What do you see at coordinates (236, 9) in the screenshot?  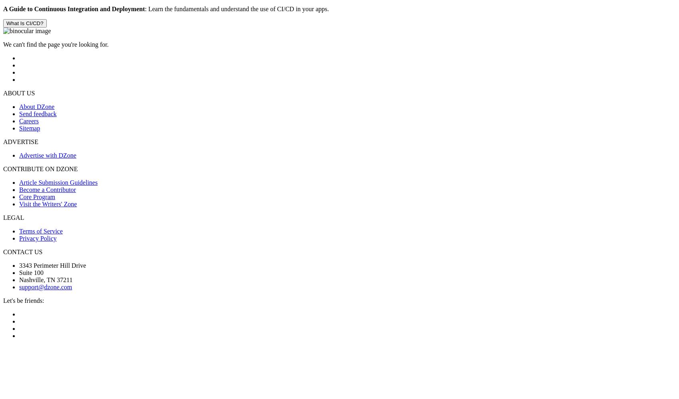 I see `': Learn the fundamentals and understand the use of CI/CD in your apps.'` at bounding box center [236, 9].